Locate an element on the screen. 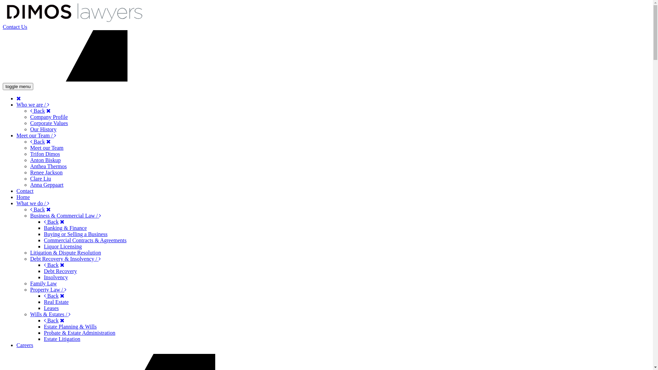 This screenshot has height=370, width=658. 'Back' is located at coordinates (51, 295).